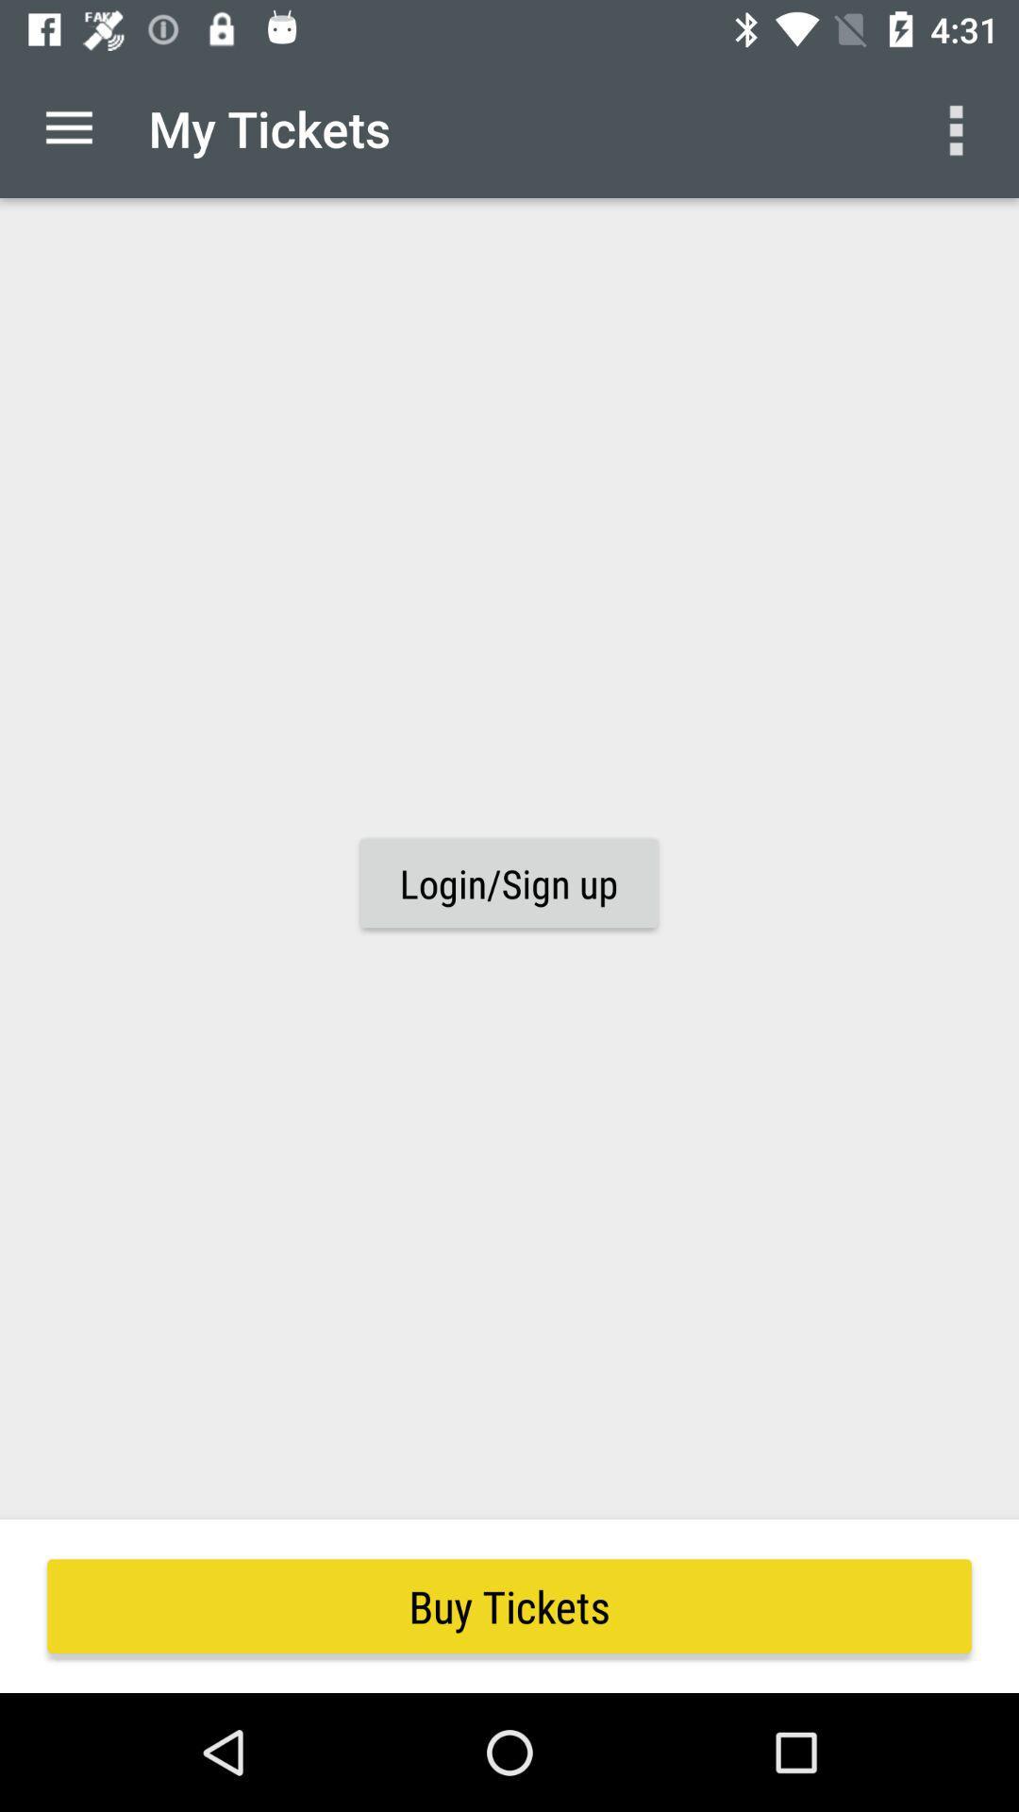  Describe the element at coordinates (960, 127) in the screenshot. I see `the icon above buy tickets item` at that location.